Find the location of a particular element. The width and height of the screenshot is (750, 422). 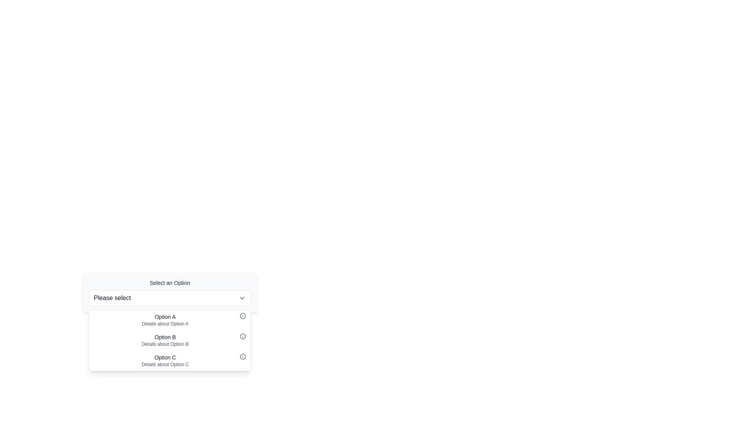

the selectable option labeled 'Option A' is located at coordinates (170, 320).